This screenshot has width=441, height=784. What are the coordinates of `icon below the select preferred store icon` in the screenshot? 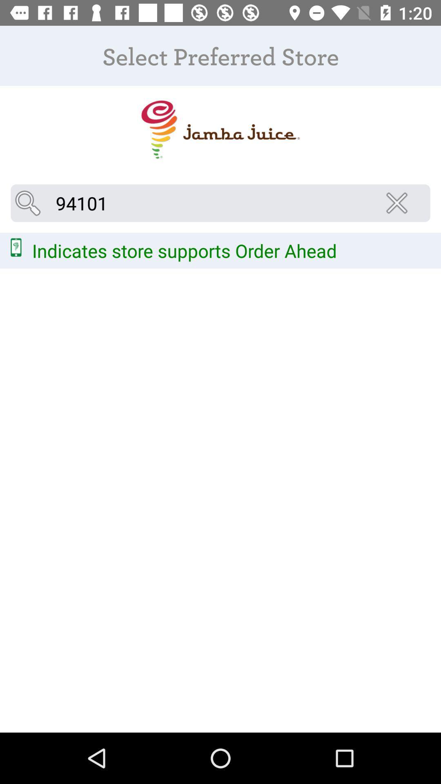 It's located at (399, 203).